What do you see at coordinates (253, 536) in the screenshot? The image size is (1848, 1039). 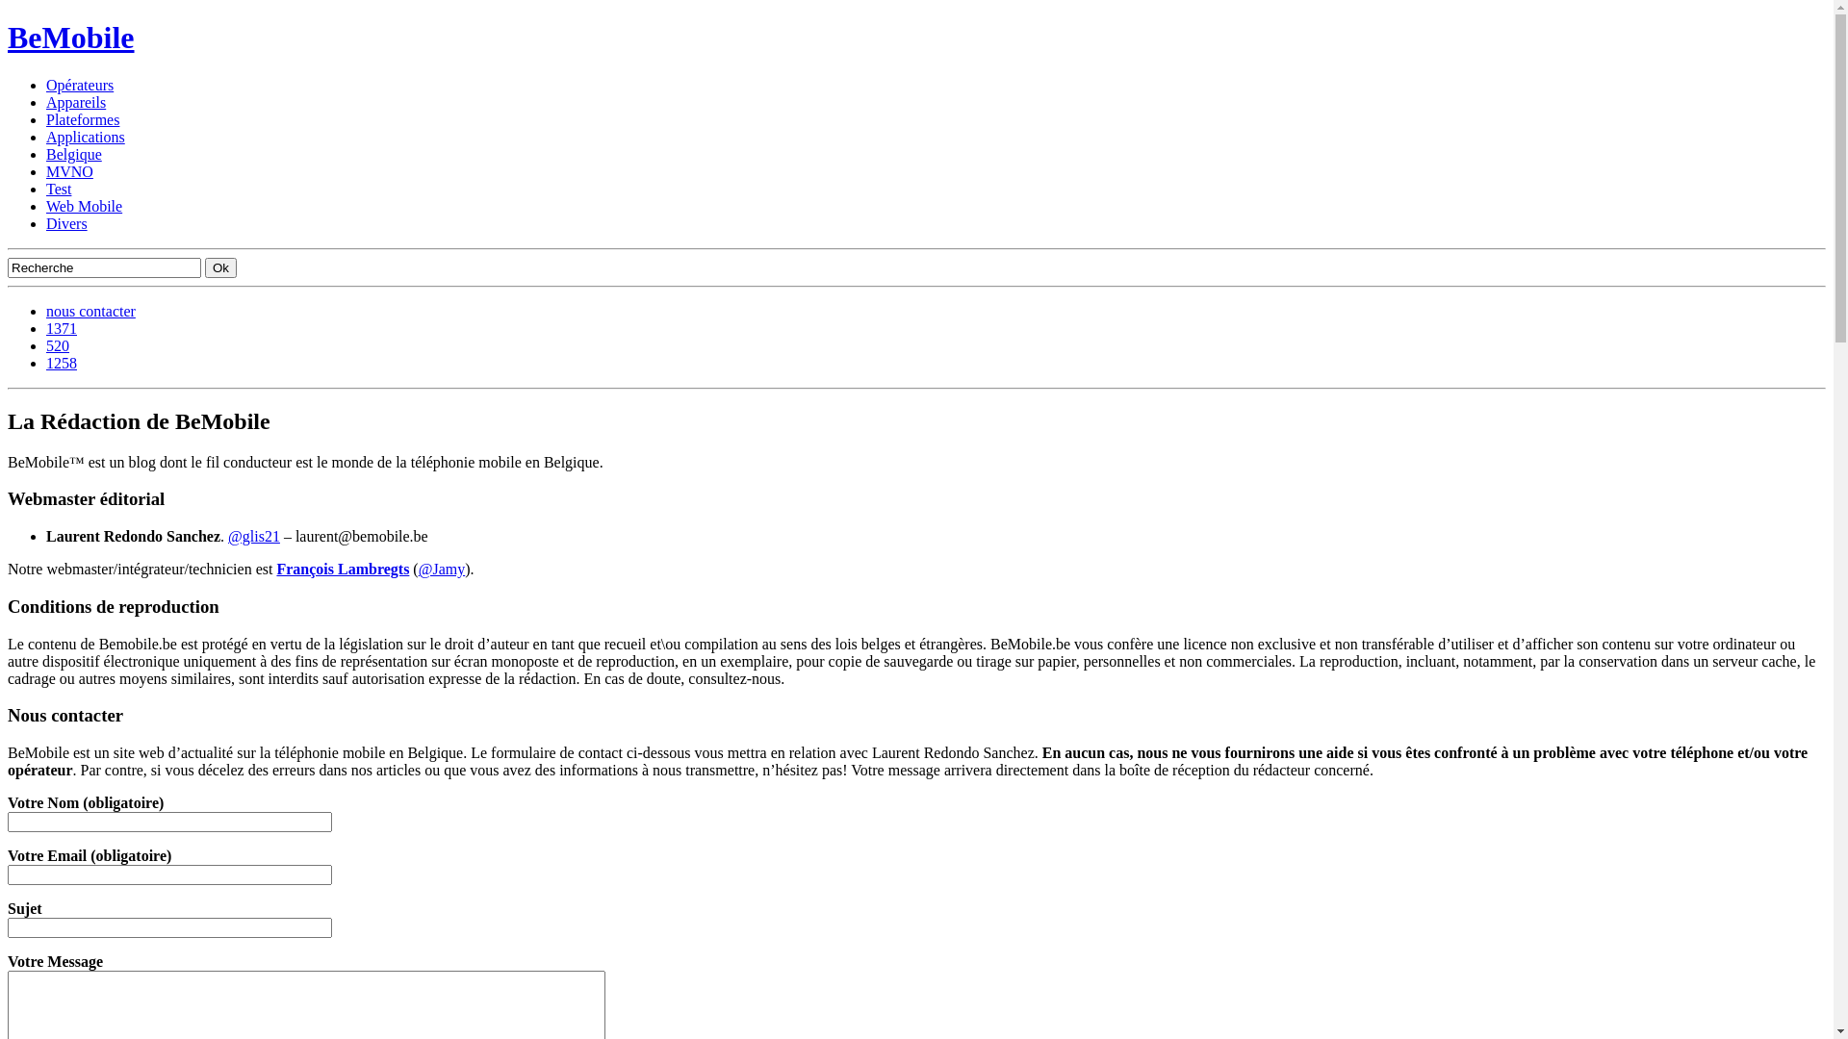 I see `'@glis21'` at bounding box center [253, 536].